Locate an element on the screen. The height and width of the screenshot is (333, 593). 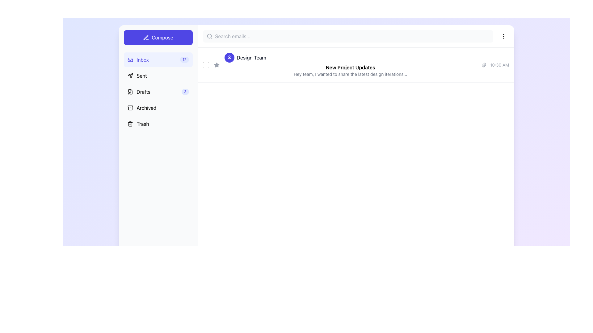
the 'Drafts' menu item icon located in the sidebar, which is the third item below 'Inbox' and 'Sent' is located at coordinates (130, 92).